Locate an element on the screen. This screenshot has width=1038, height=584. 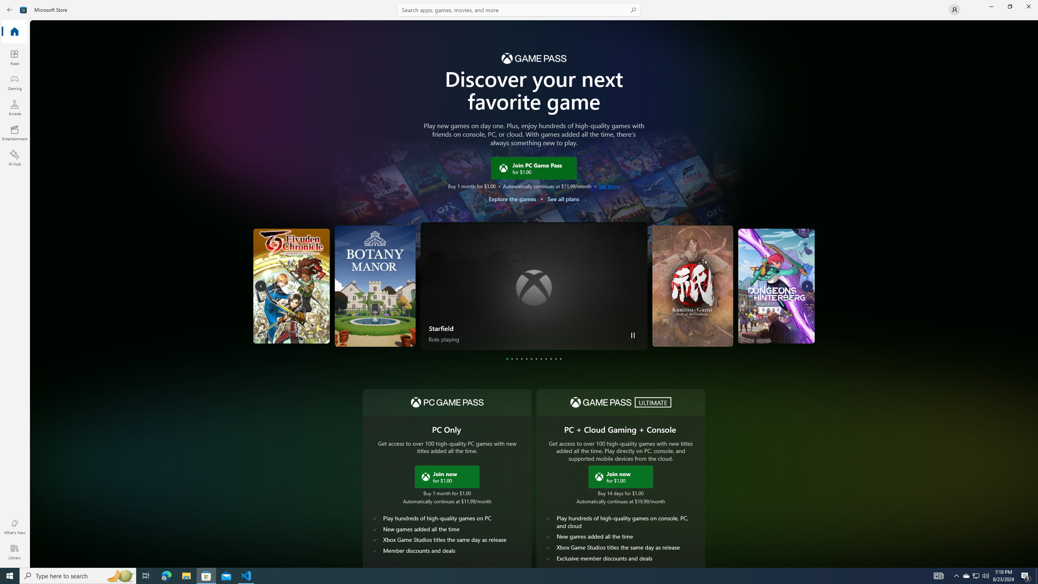
'Page 7' is located at coordinates (536, 359).